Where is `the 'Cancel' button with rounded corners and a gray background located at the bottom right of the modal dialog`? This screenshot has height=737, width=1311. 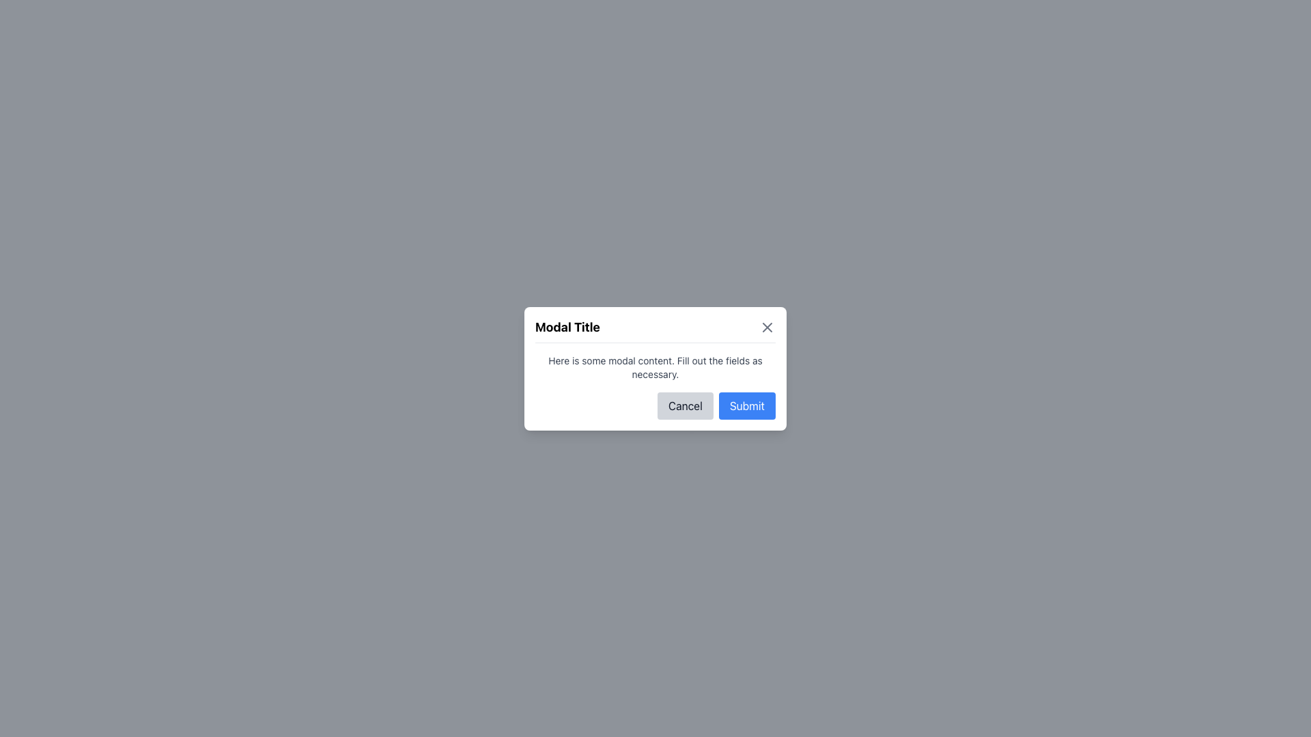 the 'Cancel' button with rounded corners and a gray background located at the bottom right of the modal dialog is located at coordinates (685, 405).